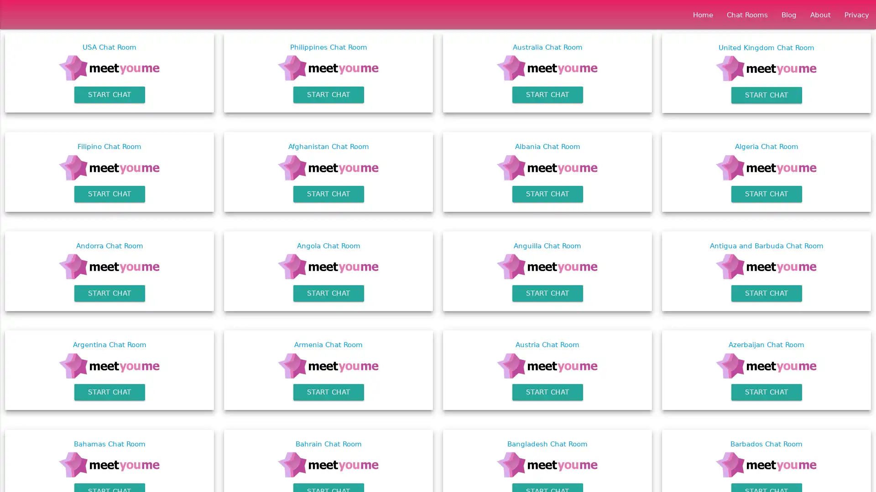 The width and height of the screenshot is (876, 492). I want to click on START CHAT, so click(547, 293).